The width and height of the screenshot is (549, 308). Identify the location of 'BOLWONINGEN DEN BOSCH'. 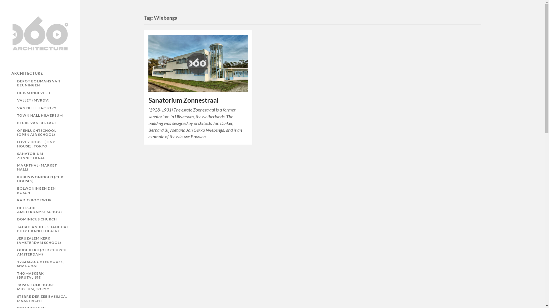
(36, 190).